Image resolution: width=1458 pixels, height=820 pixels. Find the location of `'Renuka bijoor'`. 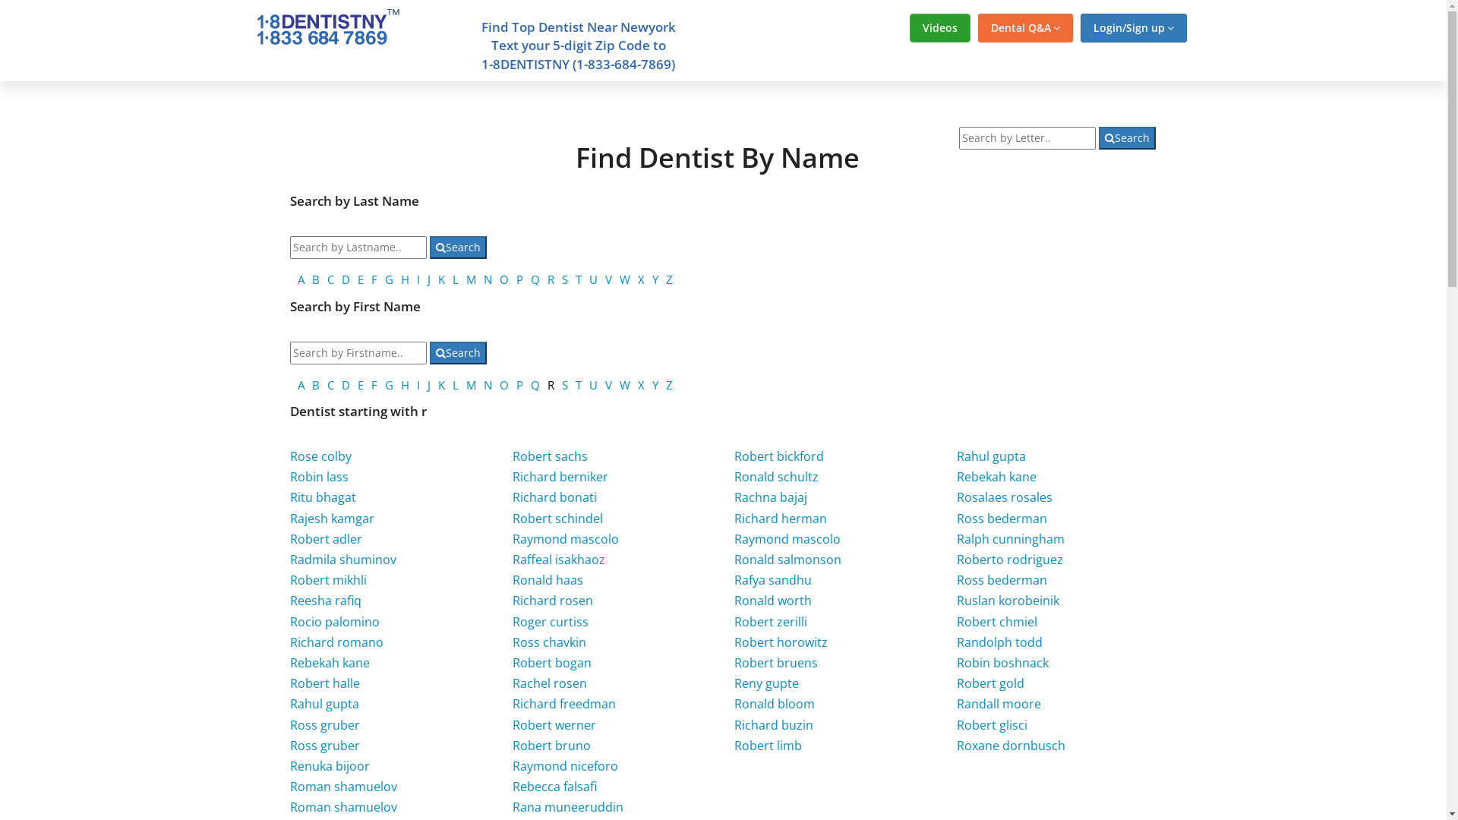

'Renuka bijoor' is located at coordinates (329, 766).